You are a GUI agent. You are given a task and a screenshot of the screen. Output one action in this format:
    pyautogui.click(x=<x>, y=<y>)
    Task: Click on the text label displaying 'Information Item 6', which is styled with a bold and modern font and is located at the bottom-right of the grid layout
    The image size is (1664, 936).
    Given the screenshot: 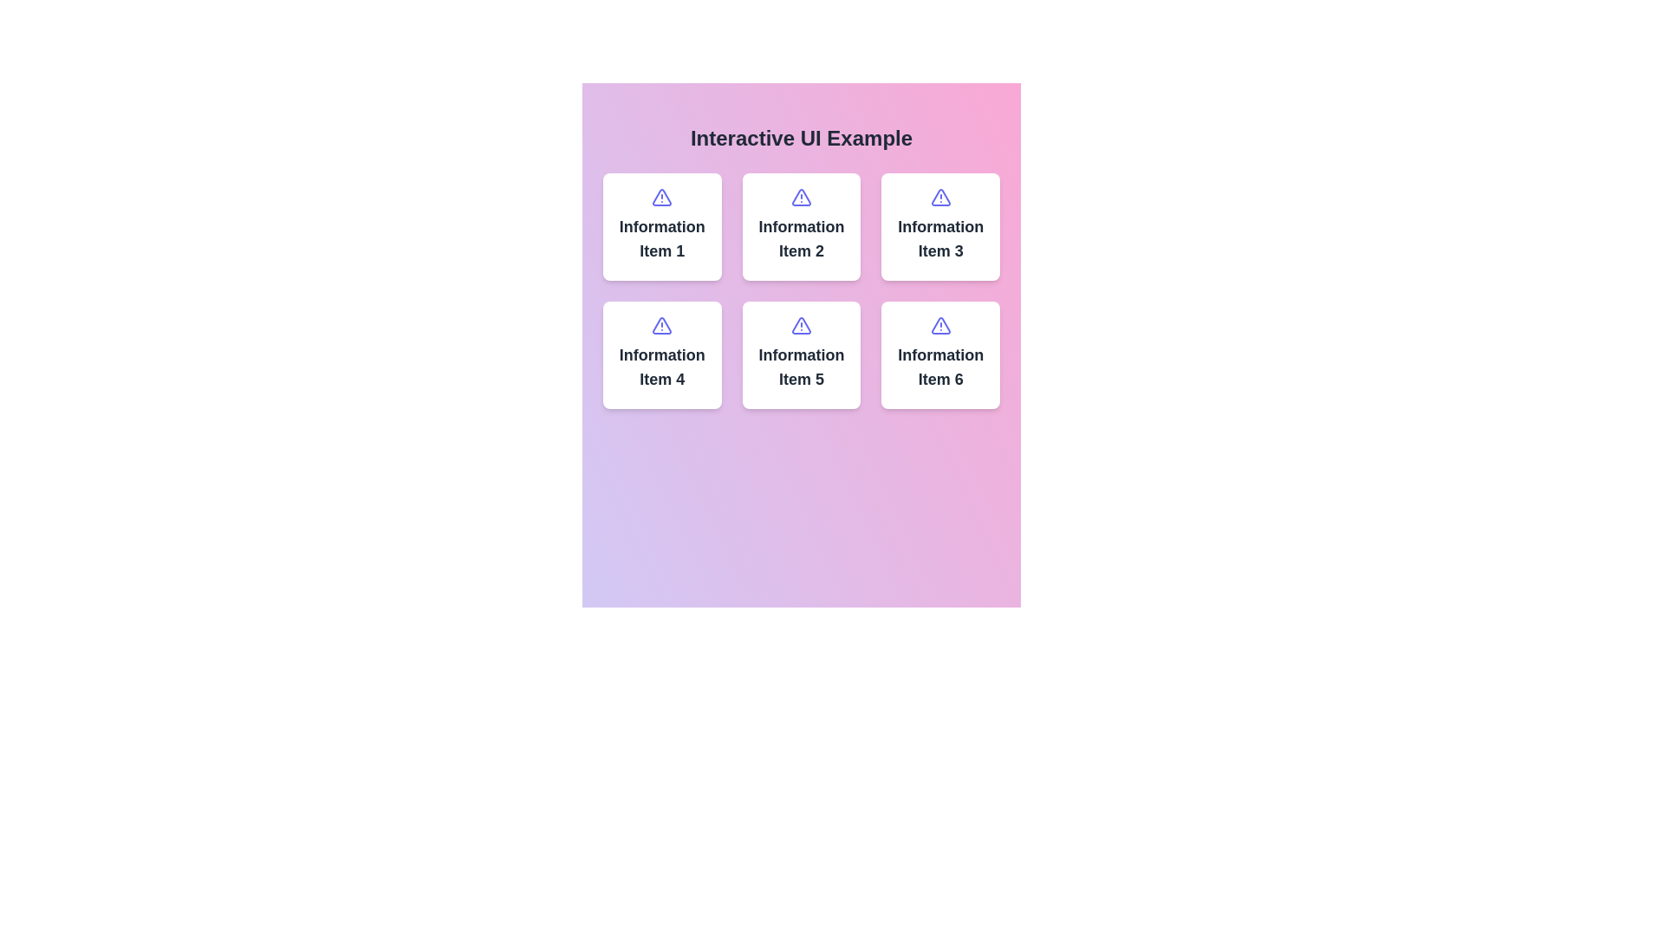 What is the action you would take?
    pyautogui.click(x=939, y=367)
    